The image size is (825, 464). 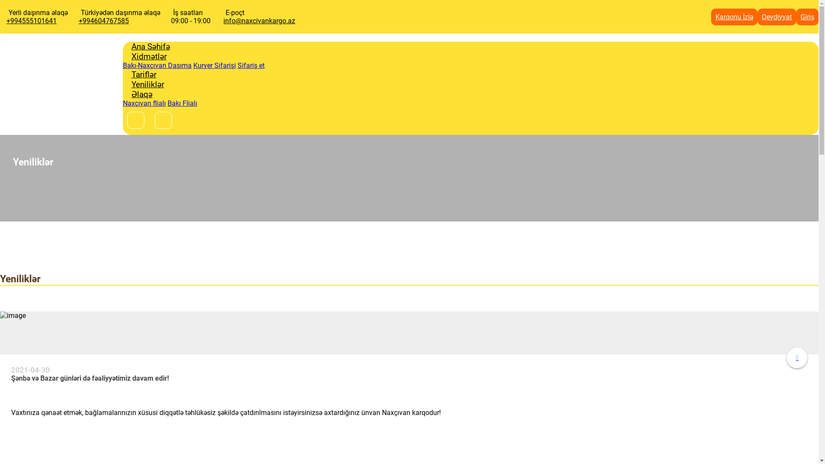 What do you see at coordinates (31, 20) in the screenshot?
I see `'+994555101641'` at bounding box center [31, 20].